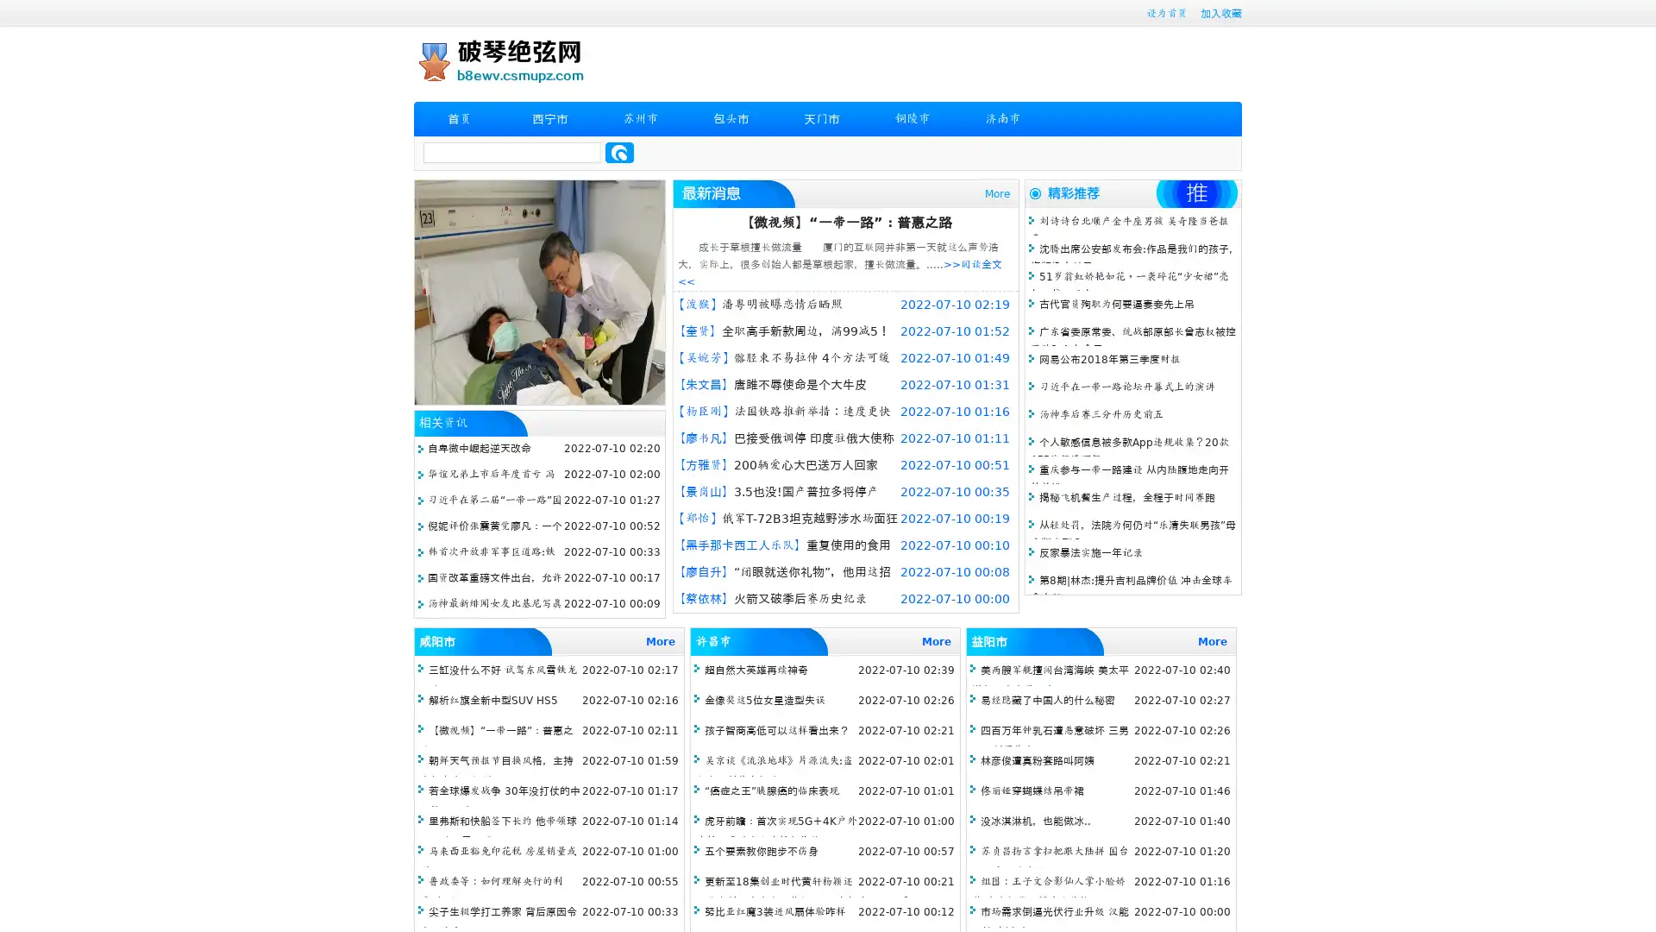  What do you see at coordinates (619, 152) in the screenshot?
I see `Search` at bounding box center [619, 152].